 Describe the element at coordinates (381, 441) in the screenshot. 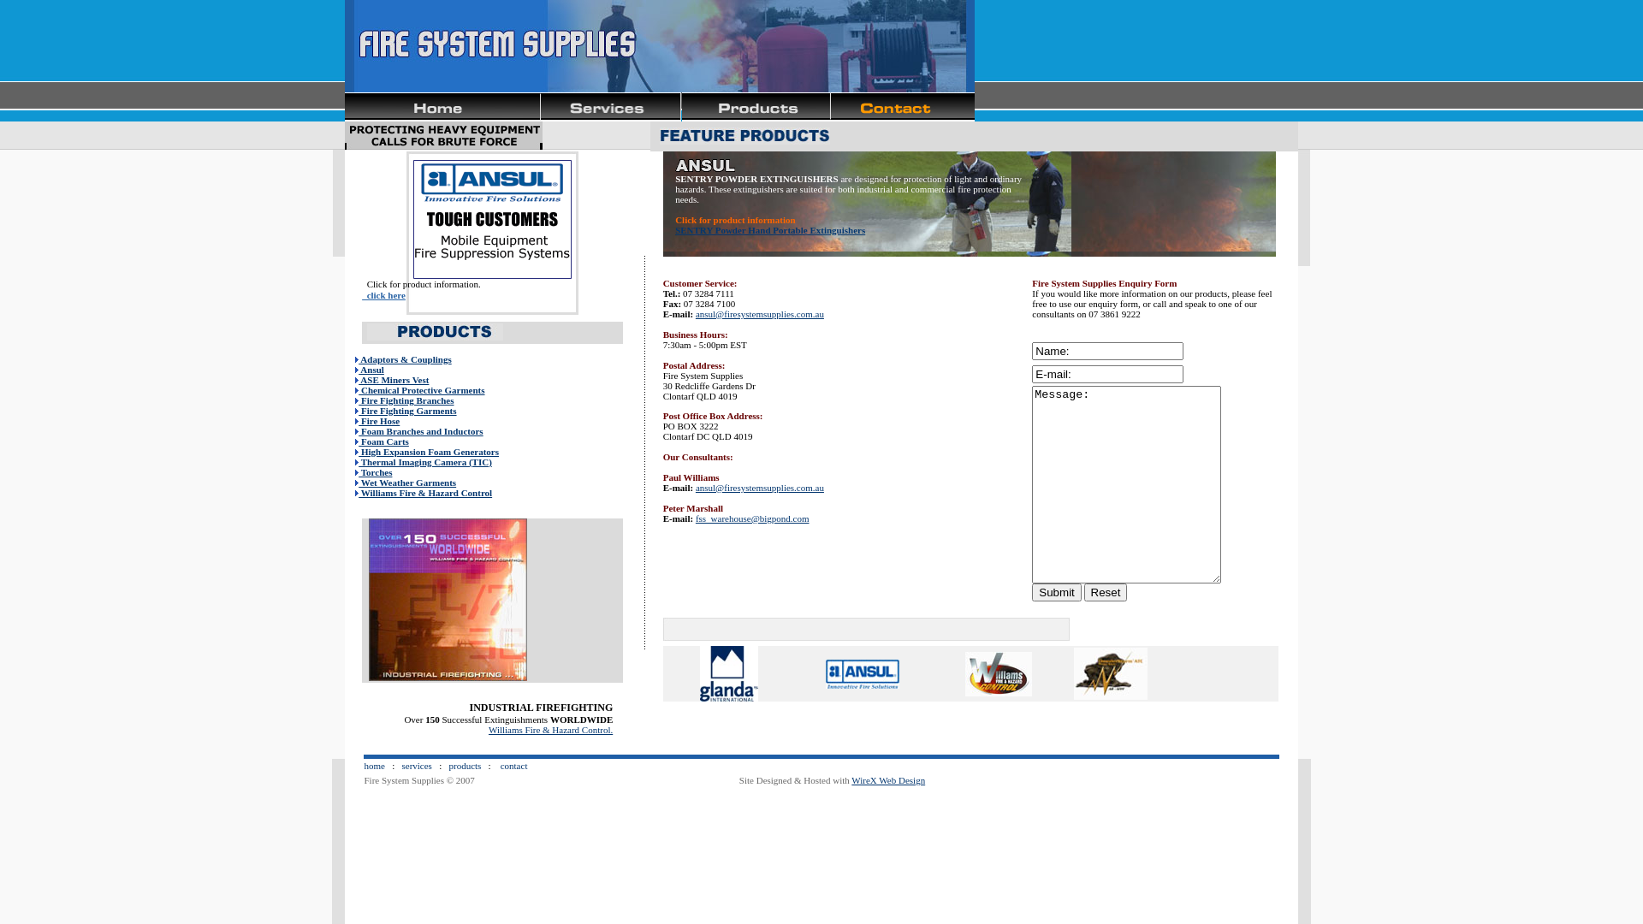

I see `' Foam Carts'` at that location.